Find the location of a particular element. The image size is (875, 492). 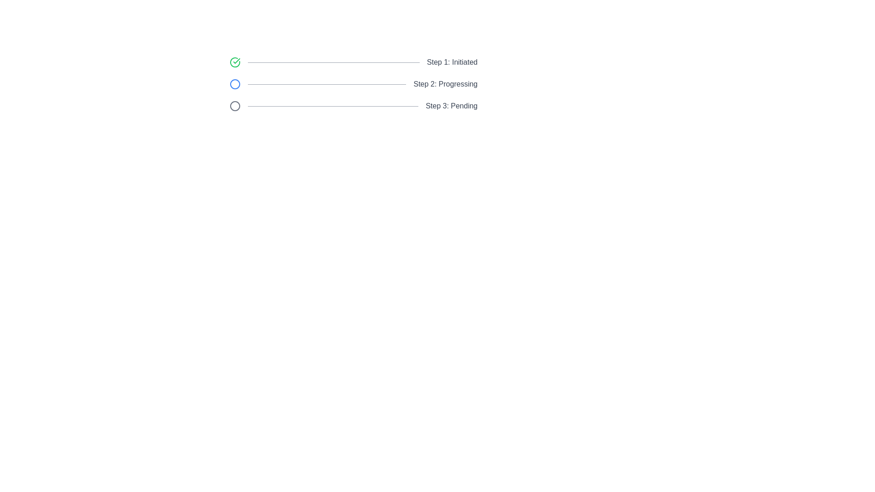

the text label reading 'Step 2: Progressing', which is styled in gray and located to the right of a circular blue icon within the second step of a vertical stepper layout is located at coordinates (445, 84).